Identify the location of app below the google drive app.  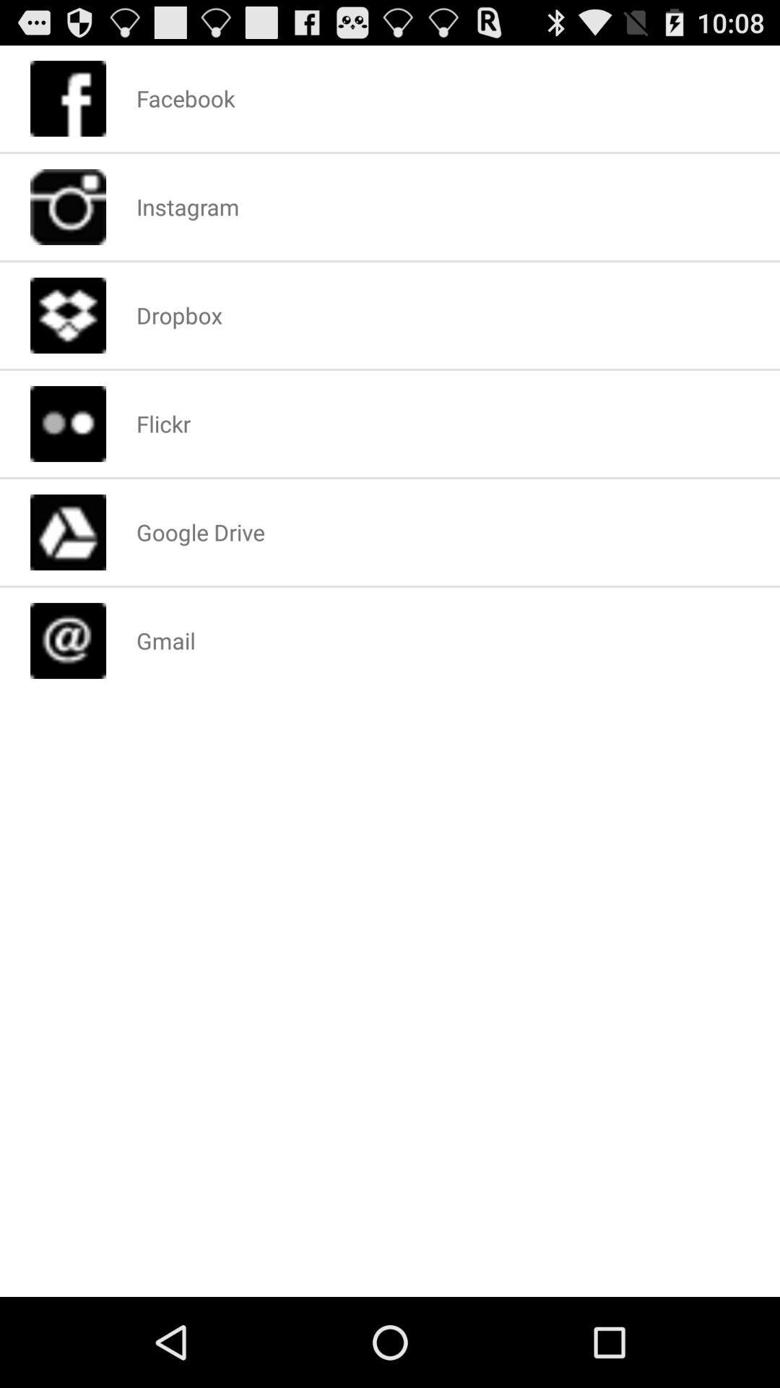
(165, 640).